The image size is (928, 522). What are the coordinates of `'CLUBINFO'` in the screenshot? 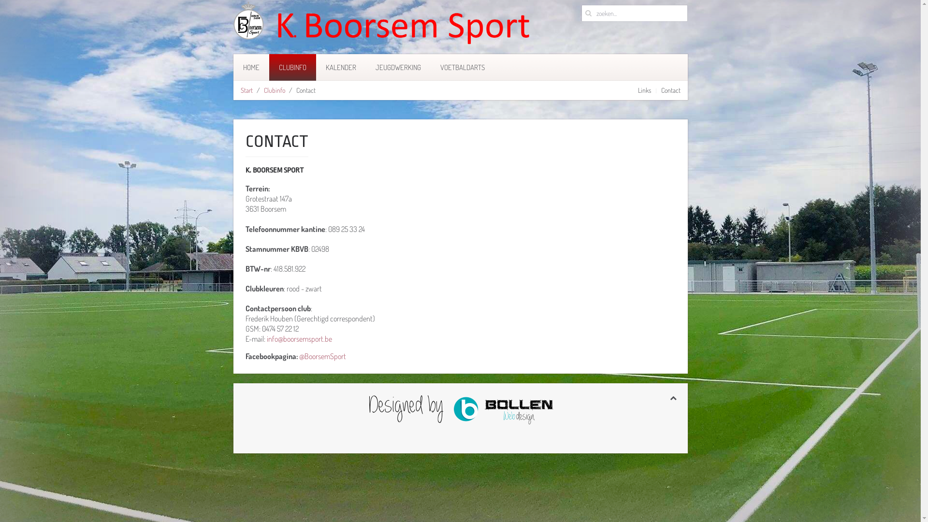 It's located at (291, 67).